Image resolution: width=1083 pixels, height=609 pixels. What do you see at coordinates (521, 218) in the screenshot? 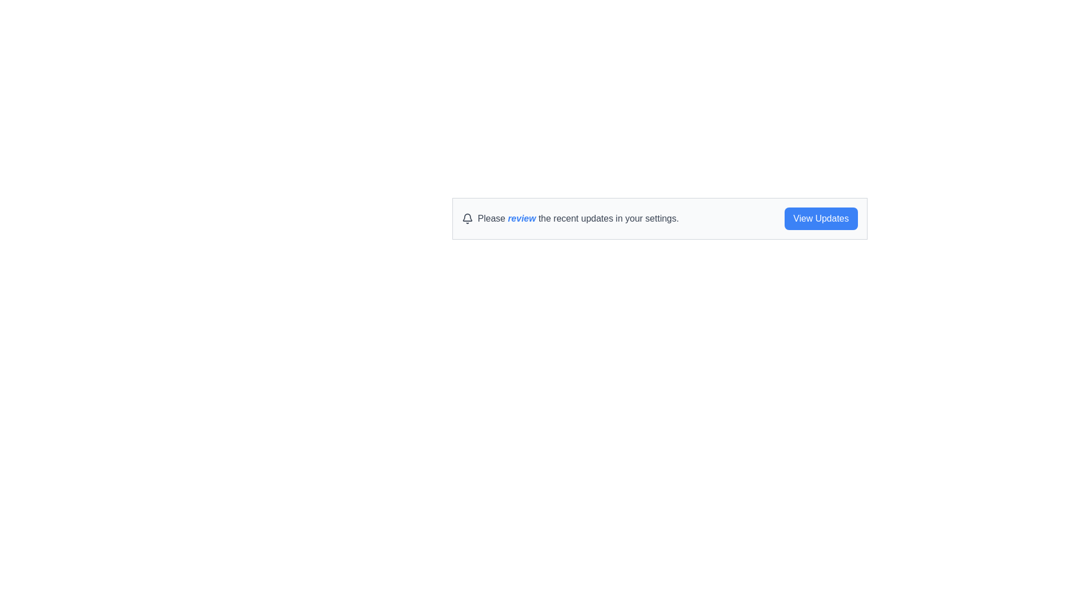
I see `emphasized text content that suggests an action within the sentence 'Please review the recent updates in your settings.'` at bounding box center [521, 218].